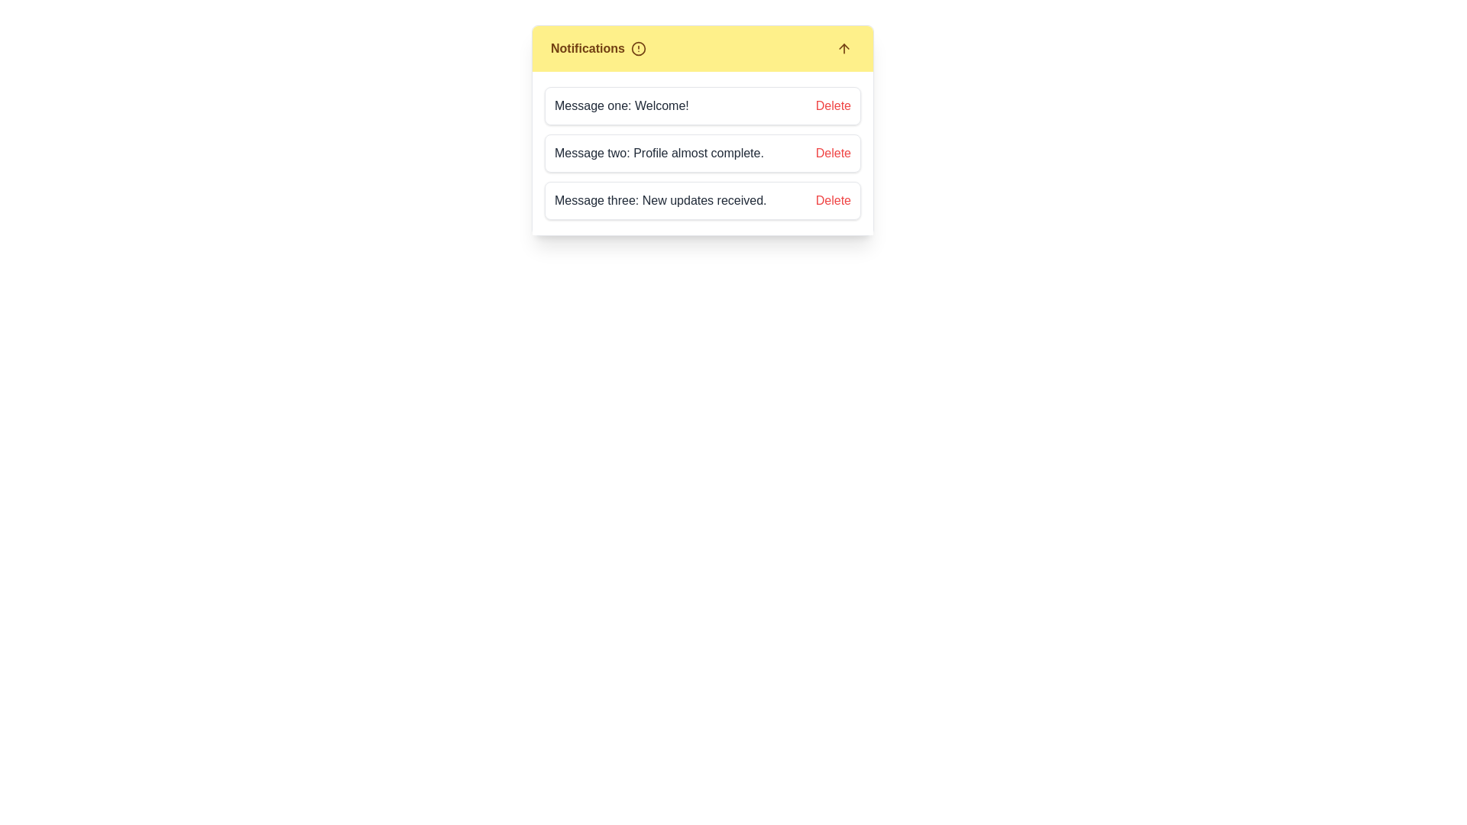 The height and width of the screenshot is (825, 1467). What do you see at coordinates (638, 48) in the screenshot?
I see `the notification icon located to the right of the 'Notifications' text in the yellow header bar for further actions` at bounding box center [638, 48].